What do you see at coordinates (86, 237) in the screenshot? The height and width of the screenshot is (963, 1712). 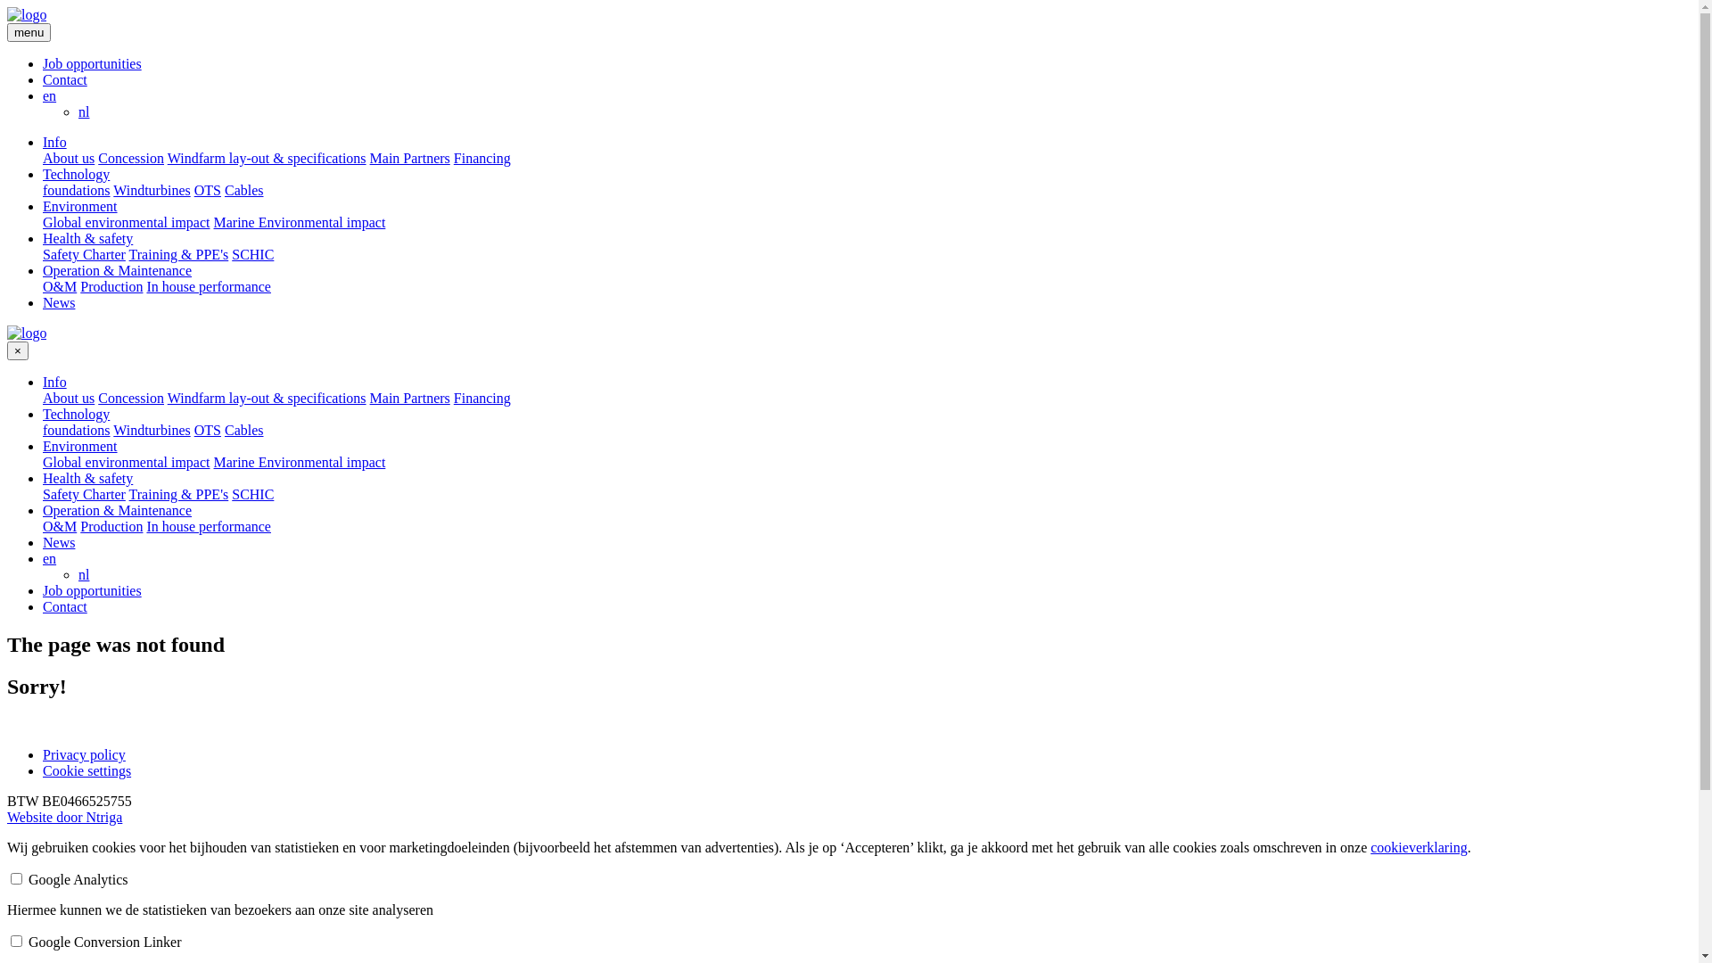 I see `'Health & safety'` at bounding box center [86, 237].